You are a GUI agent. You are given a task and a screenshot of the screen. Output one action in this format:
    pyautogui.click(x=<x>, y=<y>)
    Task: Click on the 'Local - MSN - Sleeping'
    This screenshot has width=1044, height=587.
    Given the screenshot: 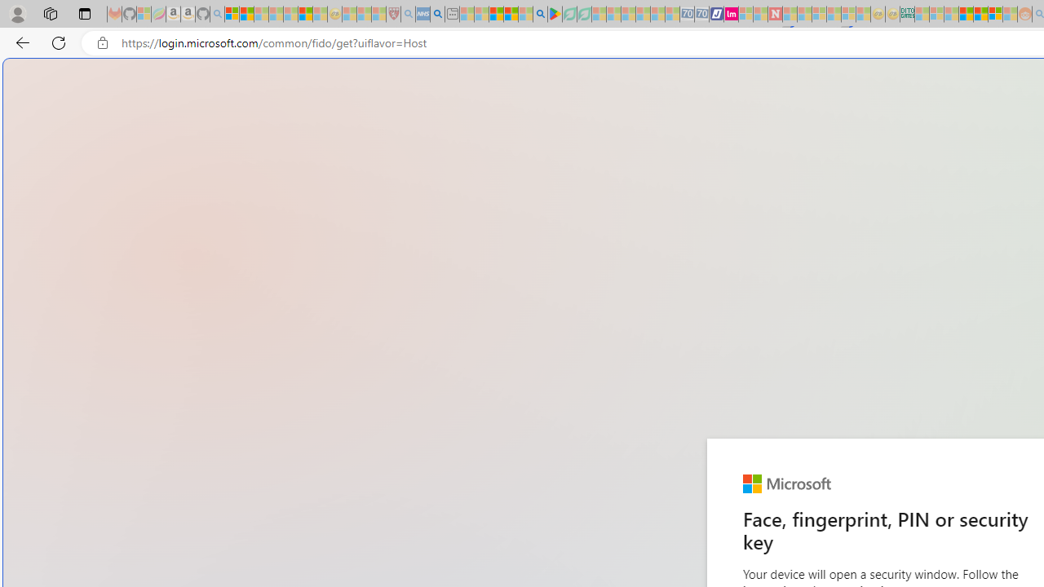 What is the action you would take?
    pyautogui.click(x=378, y=14)
    